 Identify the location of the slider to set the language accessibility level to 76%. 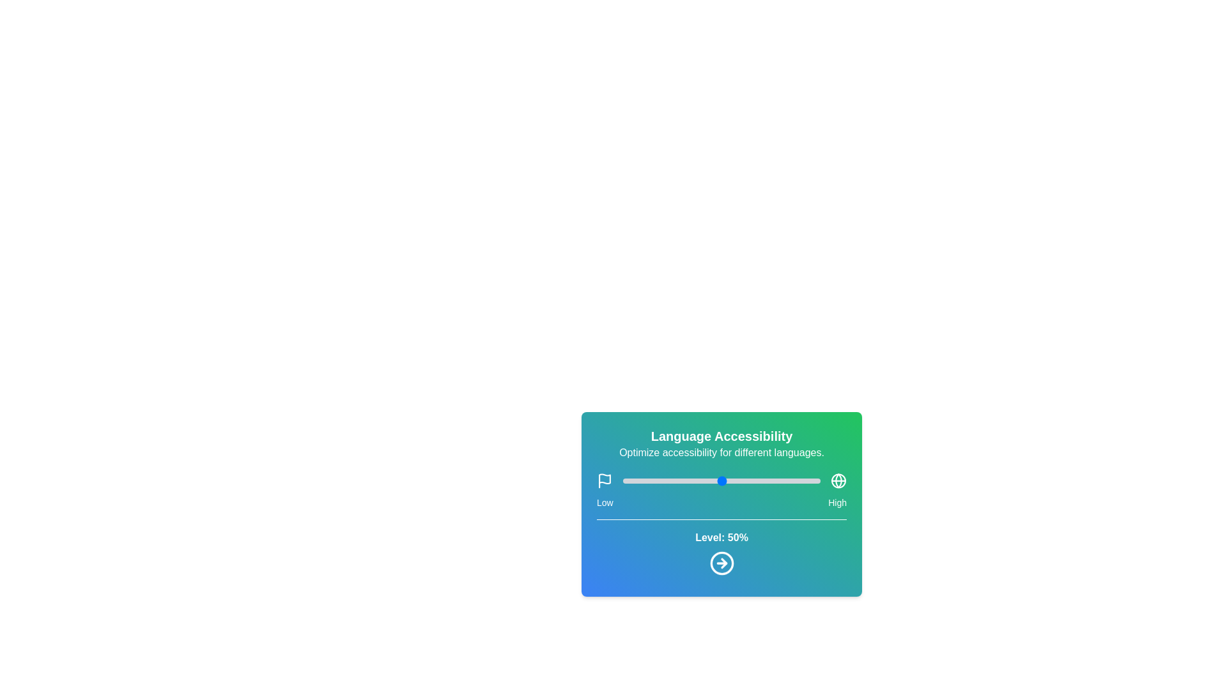
(772, 480).